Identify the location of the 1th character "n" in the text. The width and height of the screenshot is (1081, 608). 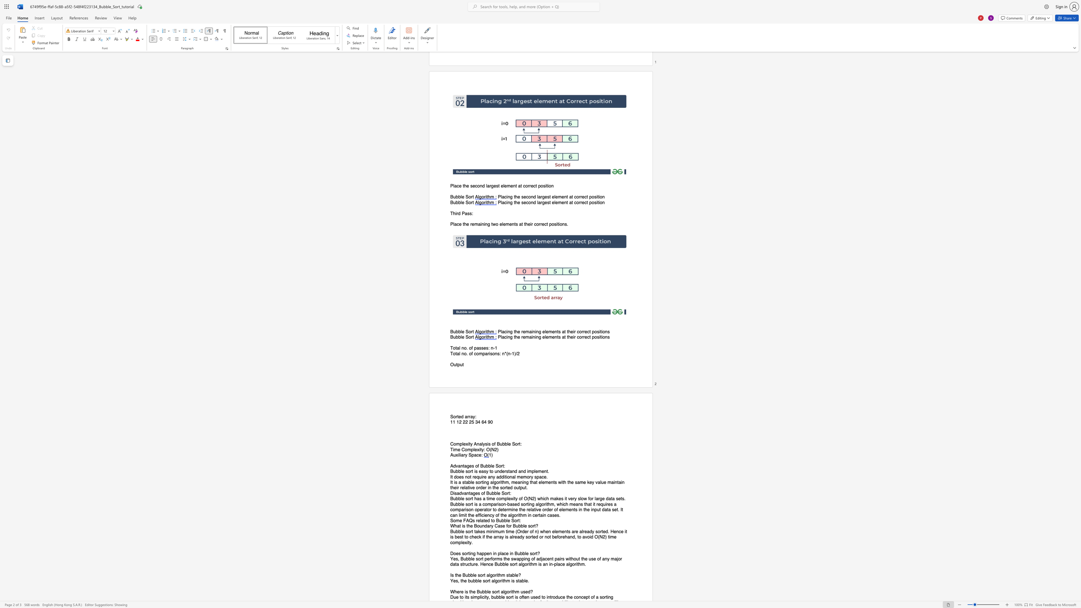
(572, 510).